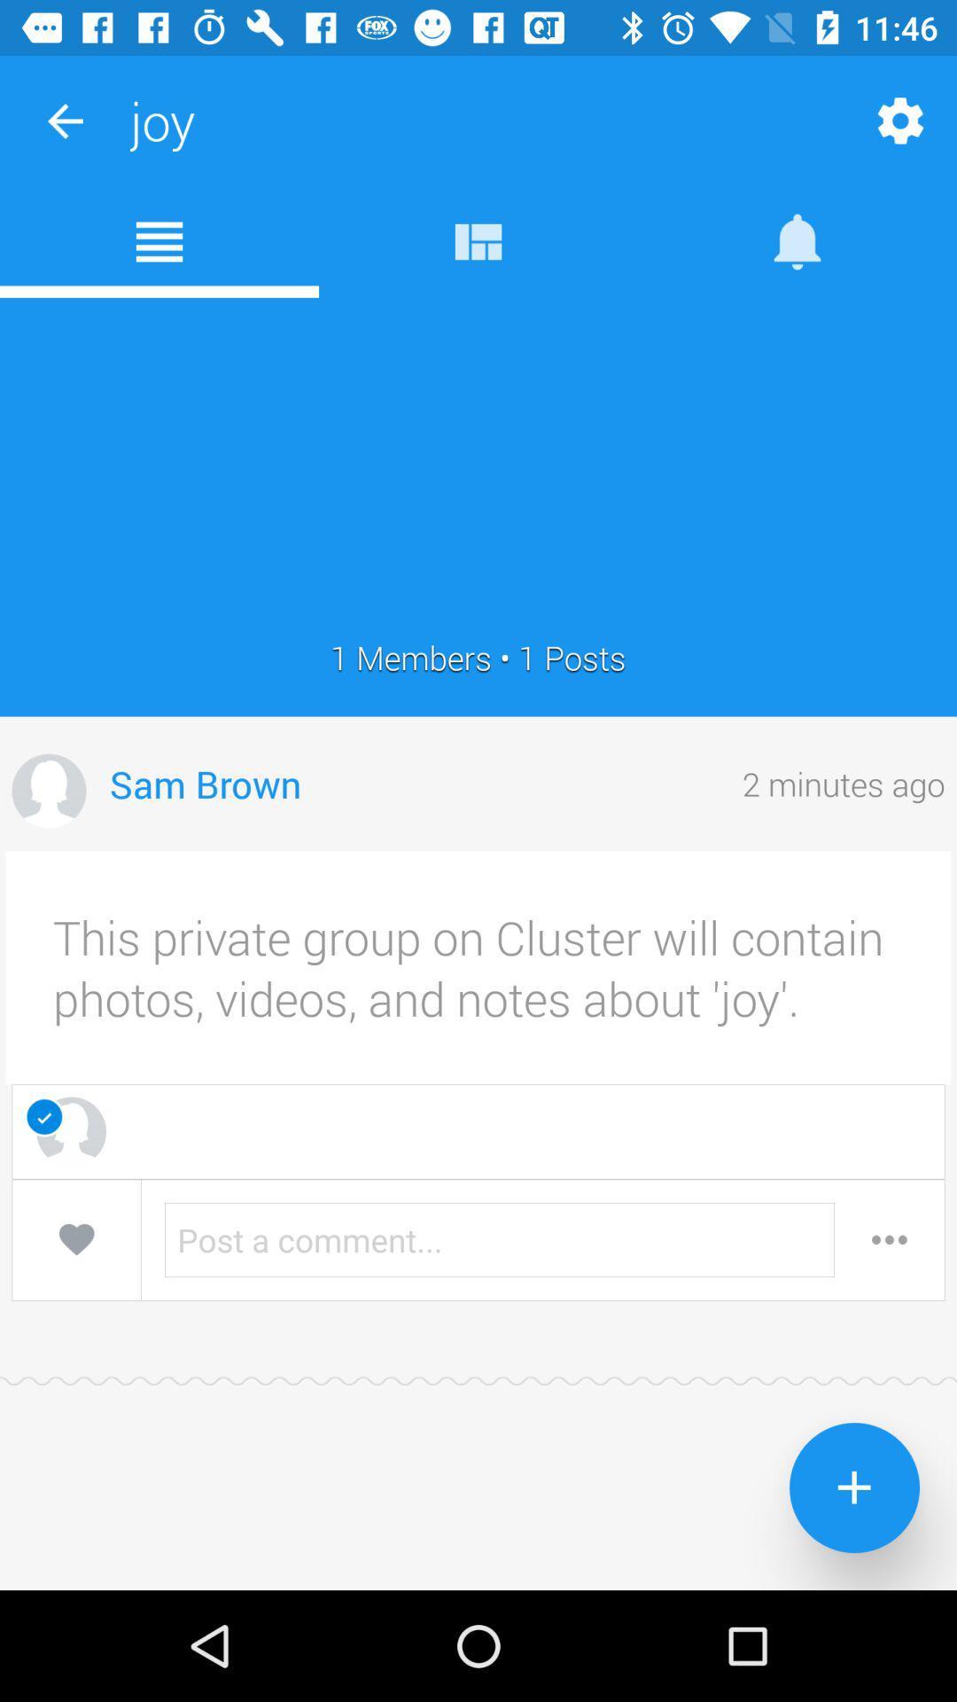  Describe the element at coordinates (48, 790) in the screenshot. I see `show profile` at that location.